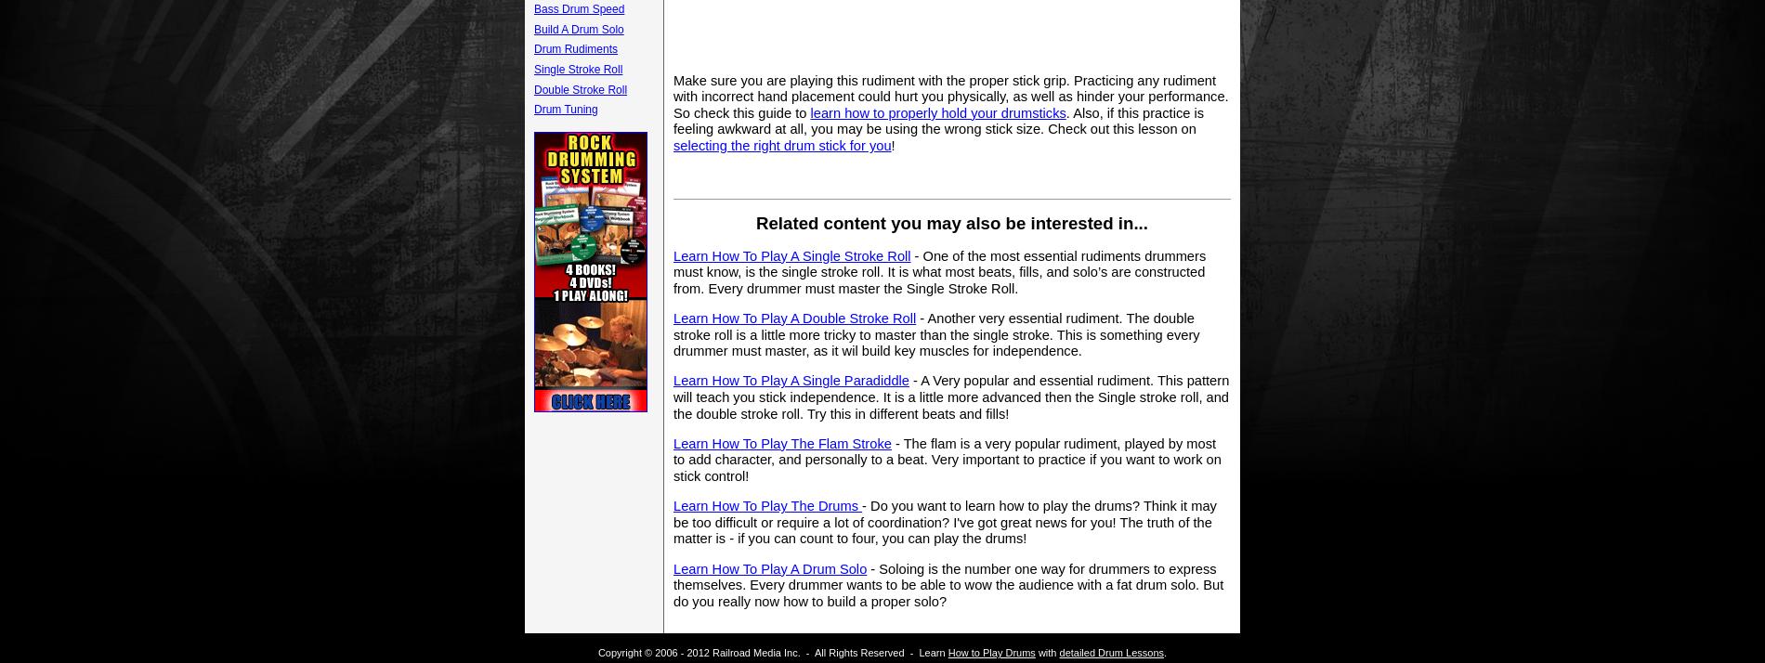 This screenshot has width=1765, height=663. What do you see at coordinates (673, 522) in the screenshot?
I see `'- Do you want to learn how to play the drums? Think it may be too difficult or require a lot of coordination? I've got great news for you! The truth of the matter is - if you can count to four, you can play the drums!'` at bounding box center [673, 522].